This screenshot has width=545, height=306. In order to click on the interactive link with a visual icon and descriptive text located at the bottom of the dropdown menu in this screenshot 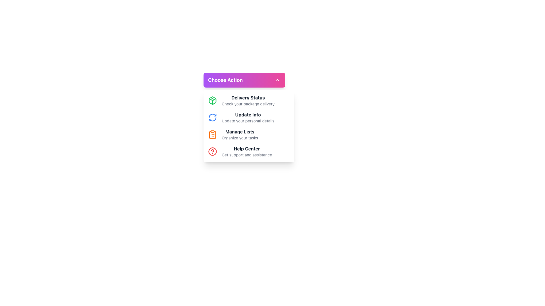, I will do `click(249, 151)`.